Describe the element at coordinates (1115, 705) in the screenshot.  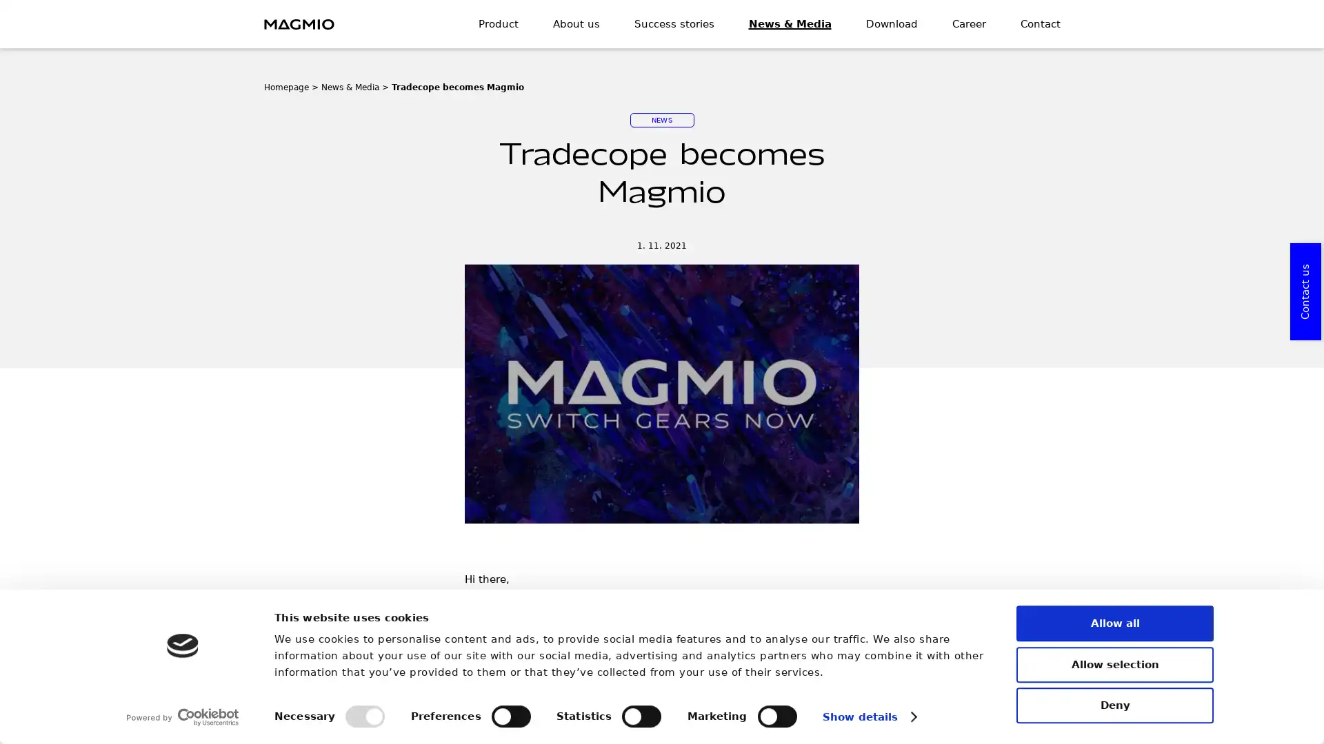
I see `Deny` at that location.